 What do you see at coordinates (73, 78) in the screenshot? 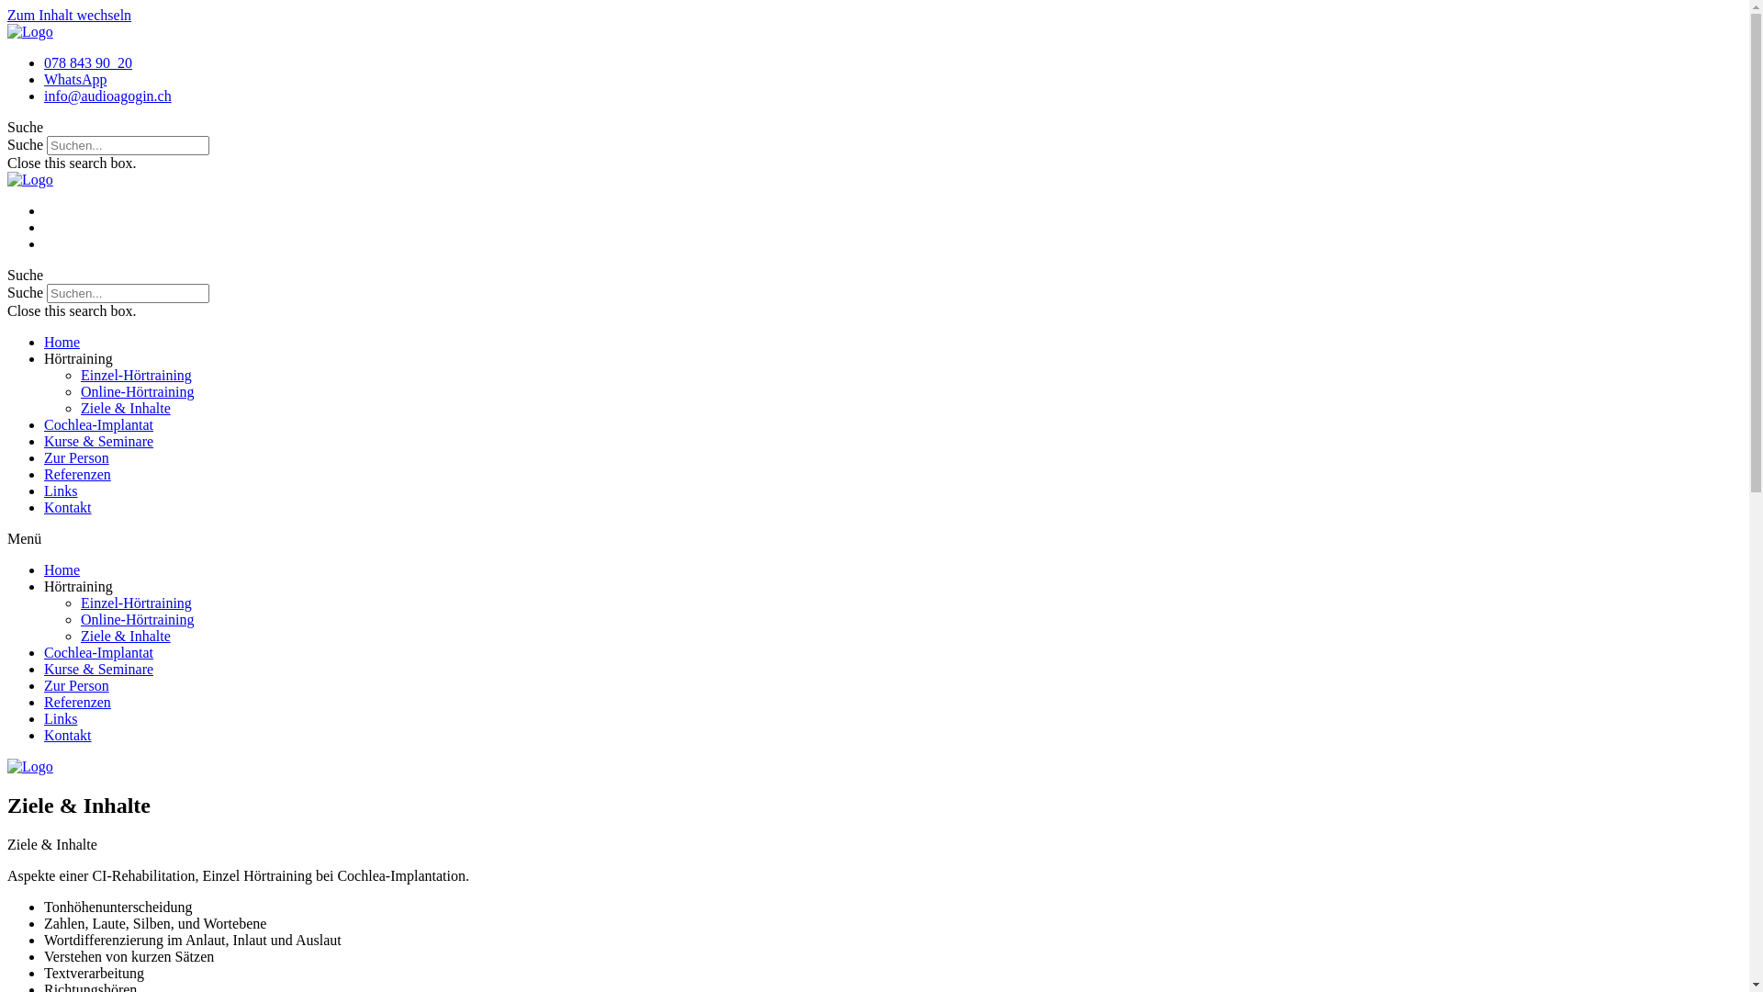
I see `'WhatsApp'` at bounding box center [73, 78].